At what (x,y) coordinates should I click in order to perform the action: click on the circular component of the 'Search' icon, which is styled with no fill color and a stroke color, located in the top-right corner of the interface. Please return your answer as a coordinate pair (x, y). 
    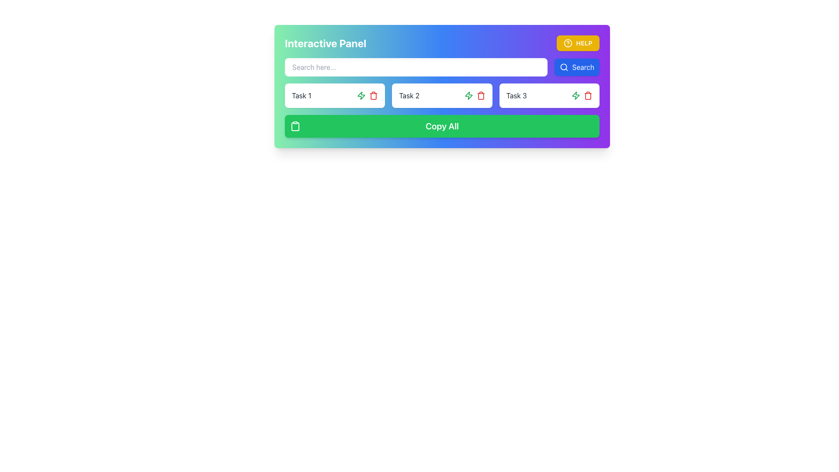
    Looking at the image, I should click on (564, 66).